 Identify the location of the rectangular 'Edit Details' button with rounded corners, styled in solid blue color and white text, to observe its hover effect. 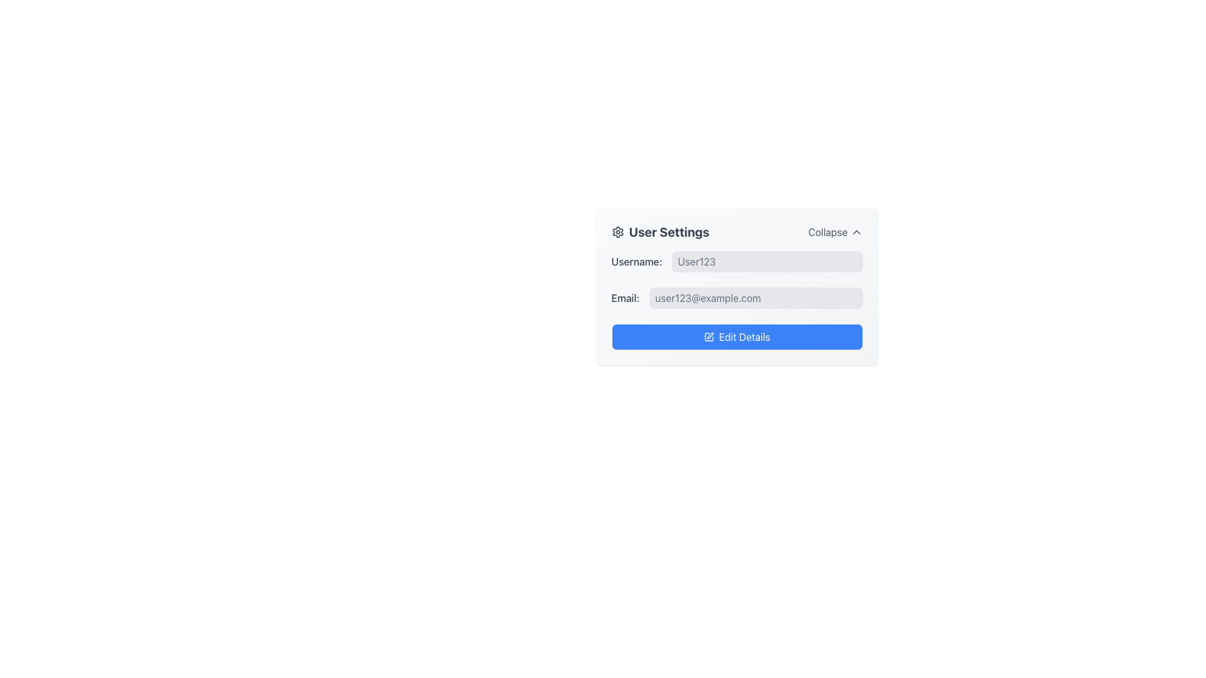
(737, 336).